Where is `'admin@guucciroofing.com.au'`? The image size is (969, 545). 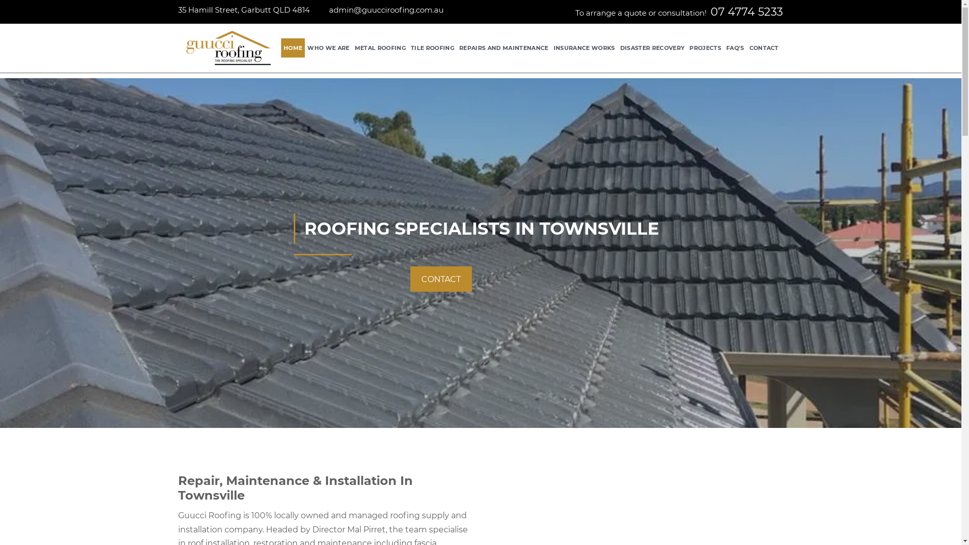
'admin@guucciroofing.com.au' is located at coordinates (386, 10).